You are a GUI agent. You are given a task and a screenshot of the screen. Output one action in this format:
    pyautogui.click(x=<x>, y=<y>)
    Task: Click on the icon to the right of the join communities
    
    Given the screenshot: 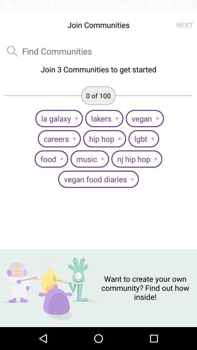 What is the action you would take?
    pyautogui.click(x=184, y=25)
    